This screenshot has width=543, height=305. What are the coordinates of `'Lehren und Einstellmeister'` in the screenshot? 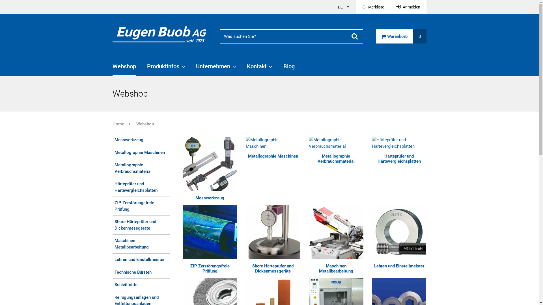 It's located at (399, 266).